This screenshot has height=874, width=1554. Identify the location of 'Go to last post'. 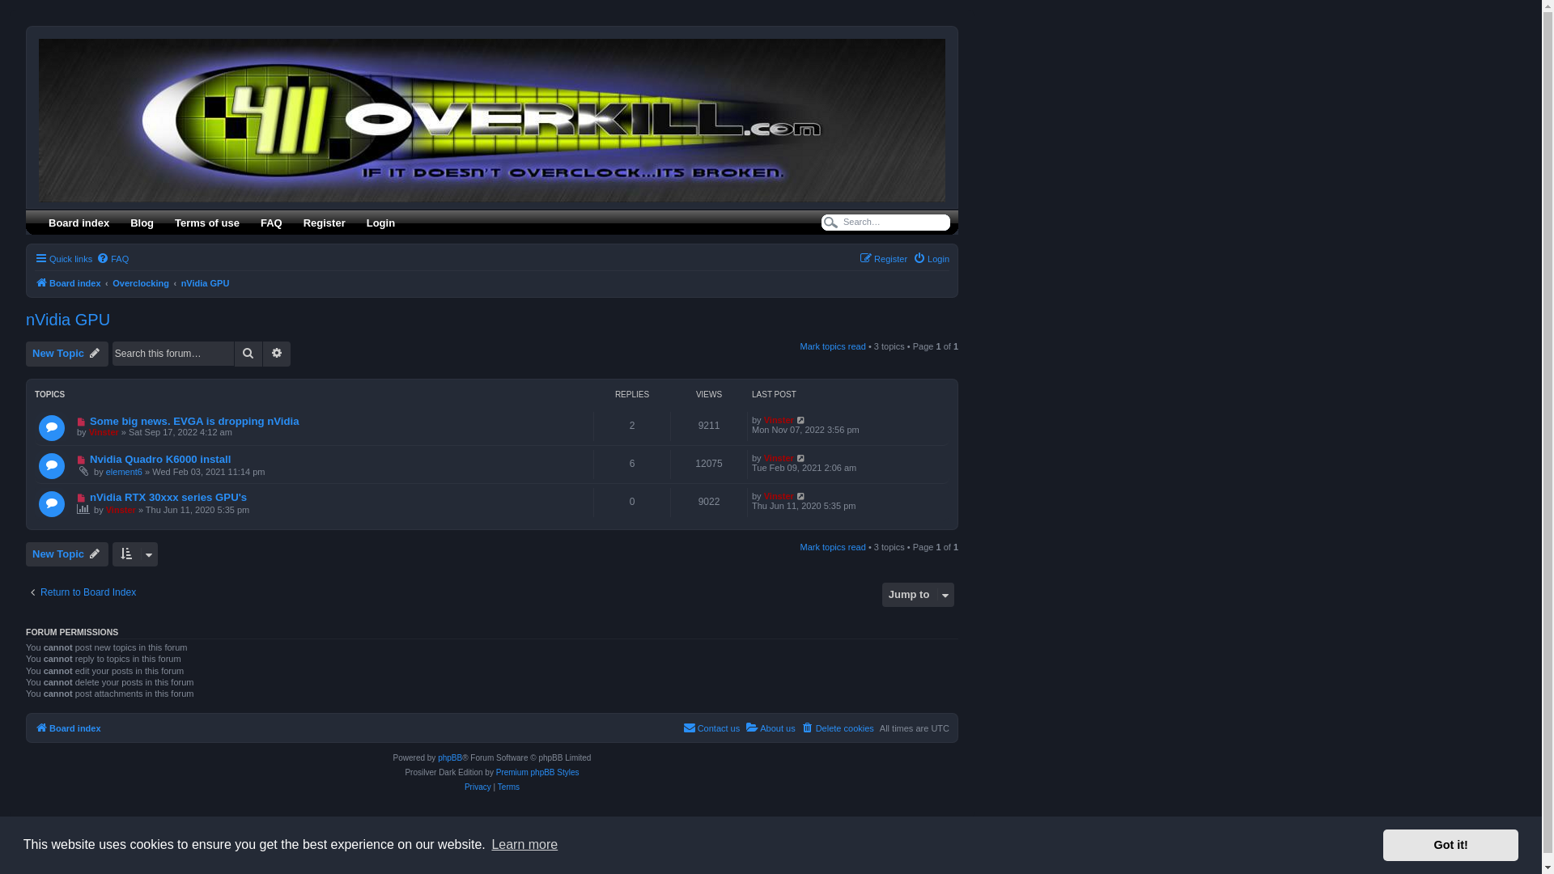
(801, 419).